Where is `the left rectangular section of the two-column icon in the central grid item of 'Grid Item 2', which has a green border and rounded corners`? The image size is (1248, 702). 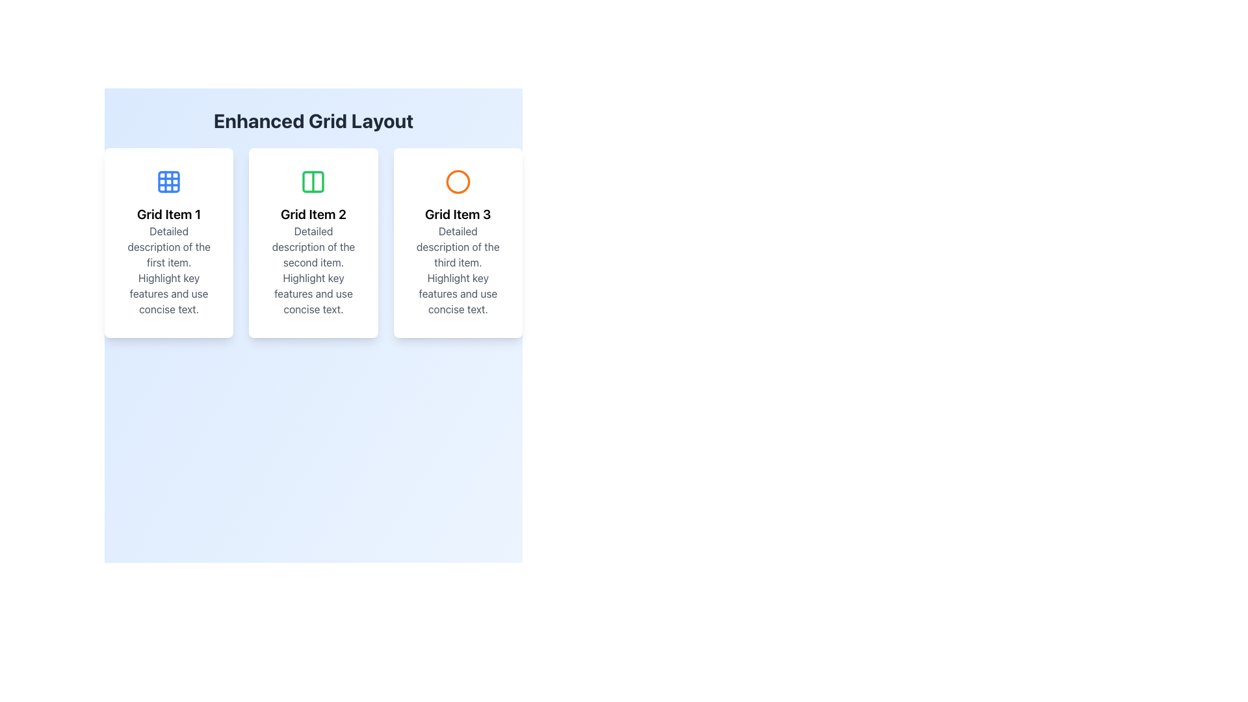 the left rectangular section of the two-column icon in the central grid item of 'Grid Item 2', which has a green border and rounded corners is located at coordinates (313, 182).